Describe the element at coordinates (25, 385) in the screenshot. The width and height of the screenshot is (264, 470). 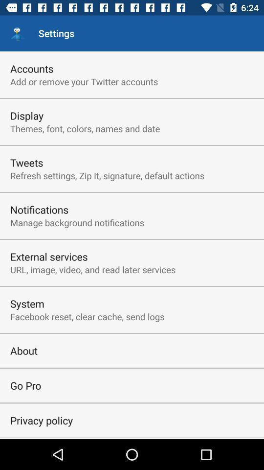
I see `icon above the privacy policy item` at that location.